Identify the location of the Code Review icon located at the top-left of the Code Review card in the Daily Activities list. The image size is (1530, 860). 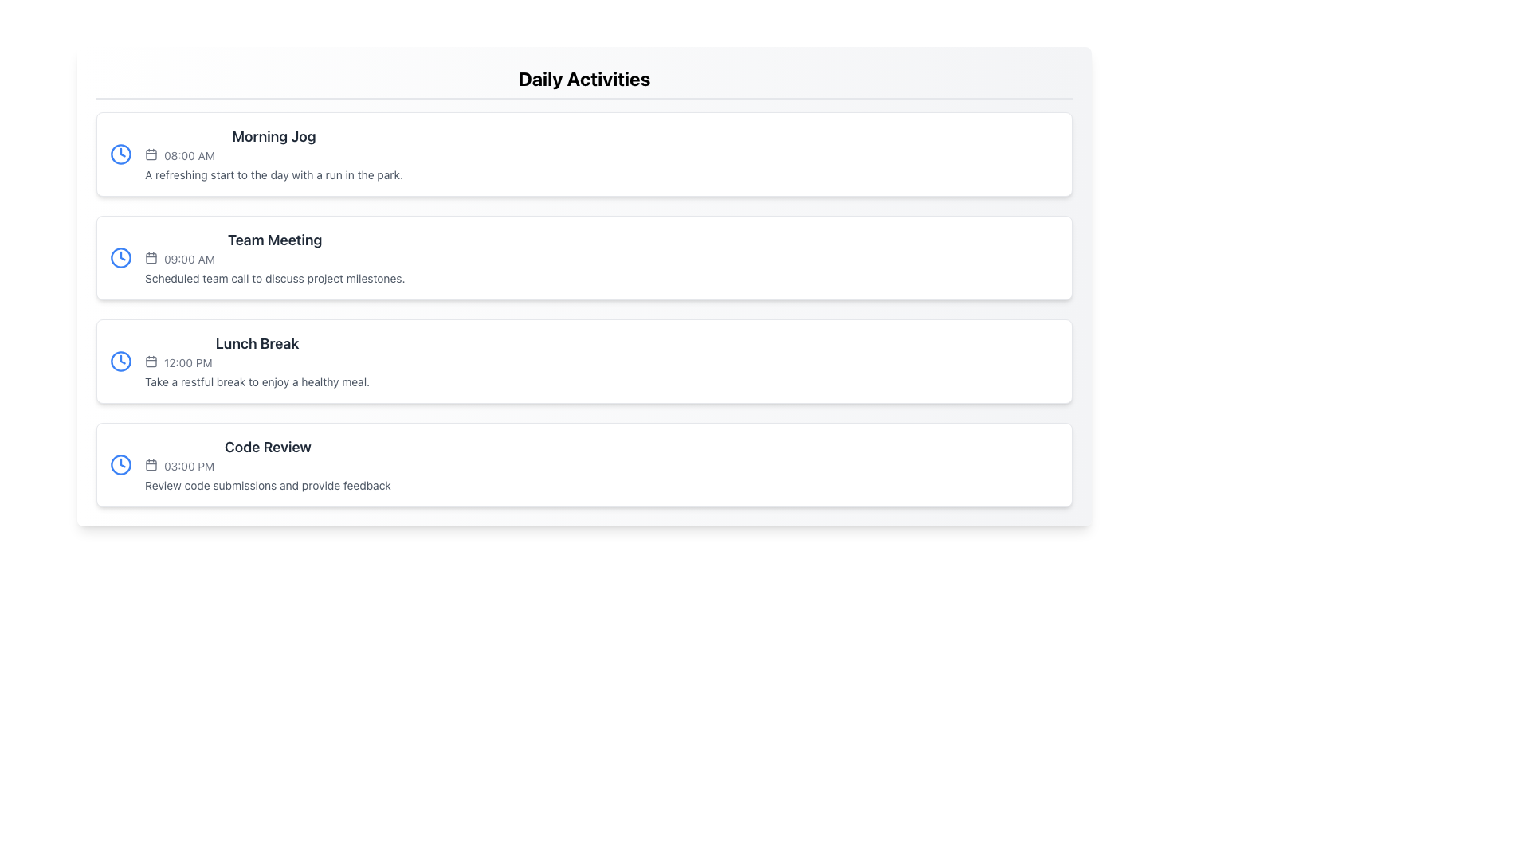
(120, 464).